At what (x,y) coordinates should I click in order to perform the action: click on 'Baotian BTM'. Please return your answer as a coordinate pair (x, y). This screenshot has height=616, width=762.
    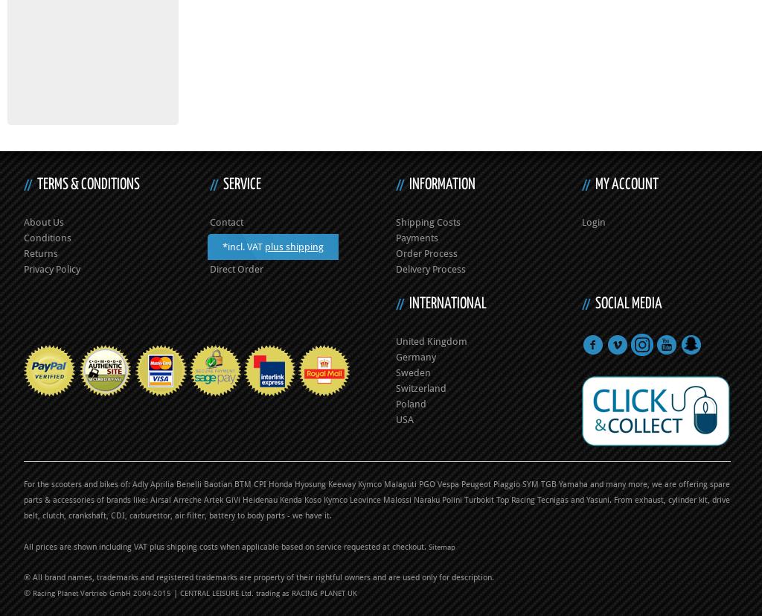
    Looking at the image, I should click on (226, 483).